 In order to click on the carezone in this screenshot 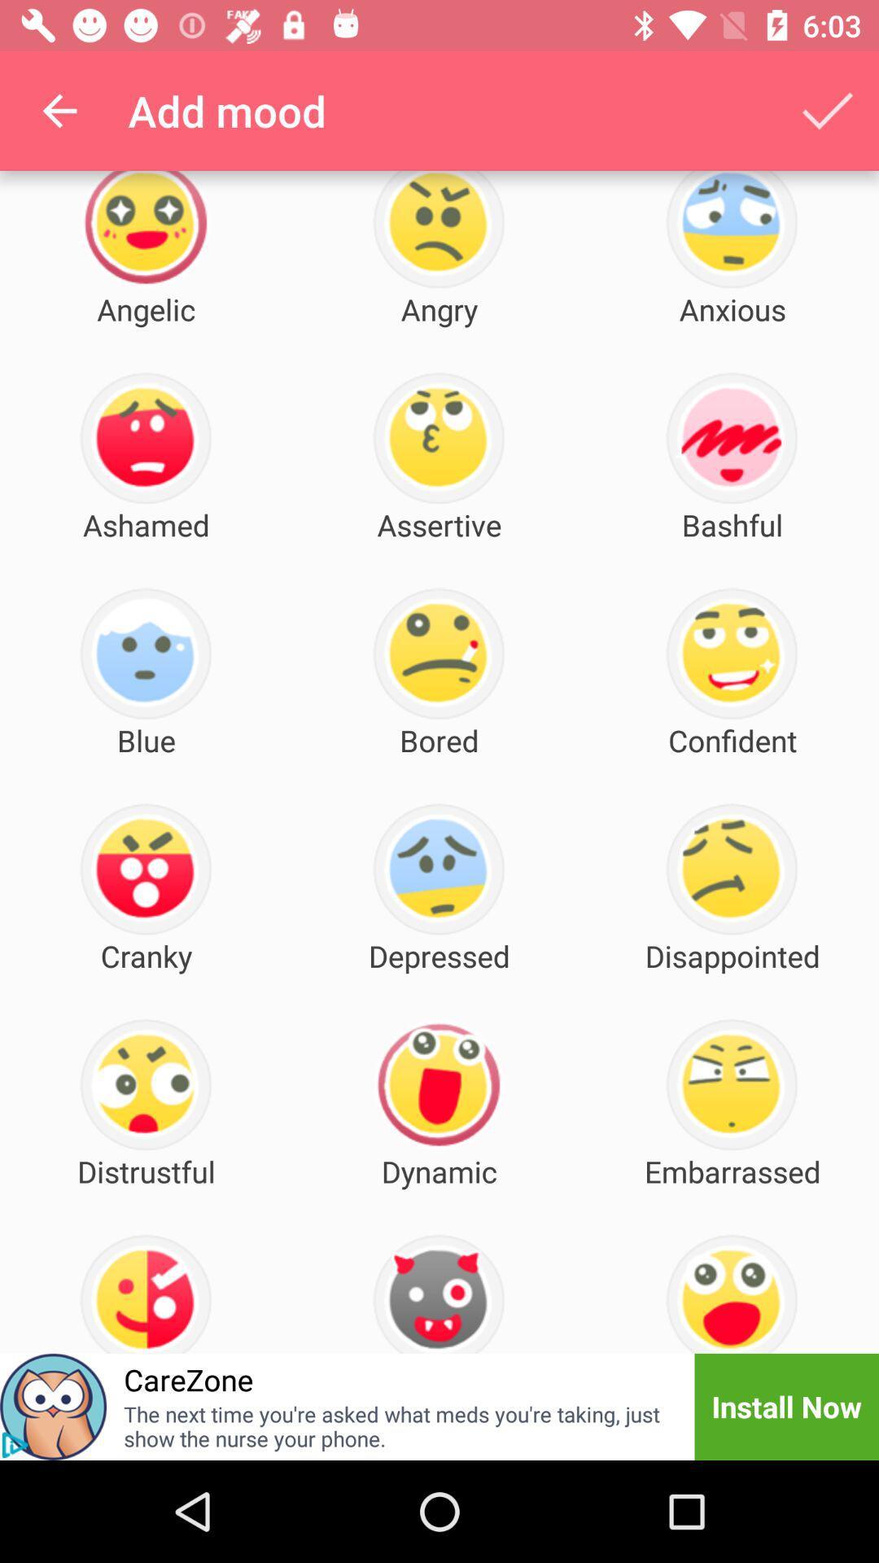, I will do `click(187, 1378)`.